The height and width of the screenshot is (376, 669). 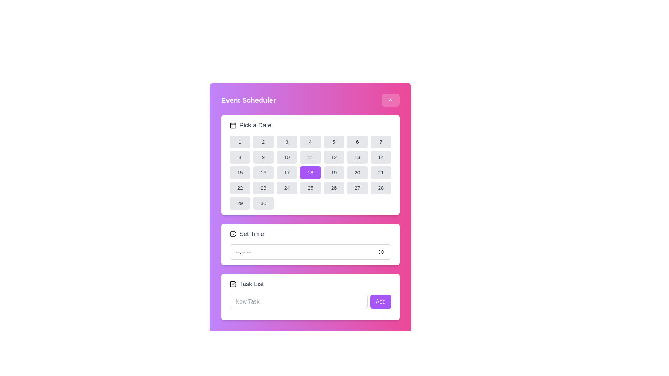 What do you see at coordinates (287, 157) in the screenshot?
I see `the button representing the date '10' in the calendar interface` at bounding box center [287, 157].